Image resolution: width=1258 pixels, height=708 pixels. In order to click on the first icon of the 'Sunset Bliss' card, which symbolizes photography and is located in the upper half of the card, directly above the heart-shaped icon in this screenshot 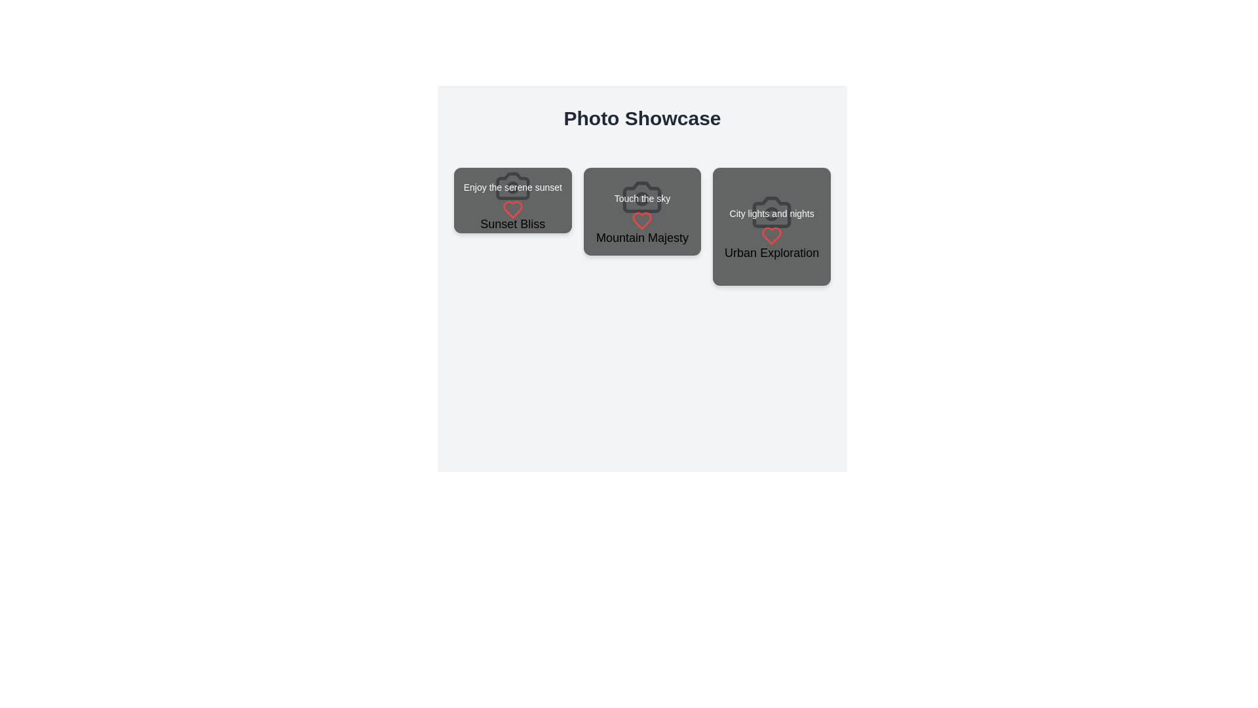, I will do `click(512, 186)`.